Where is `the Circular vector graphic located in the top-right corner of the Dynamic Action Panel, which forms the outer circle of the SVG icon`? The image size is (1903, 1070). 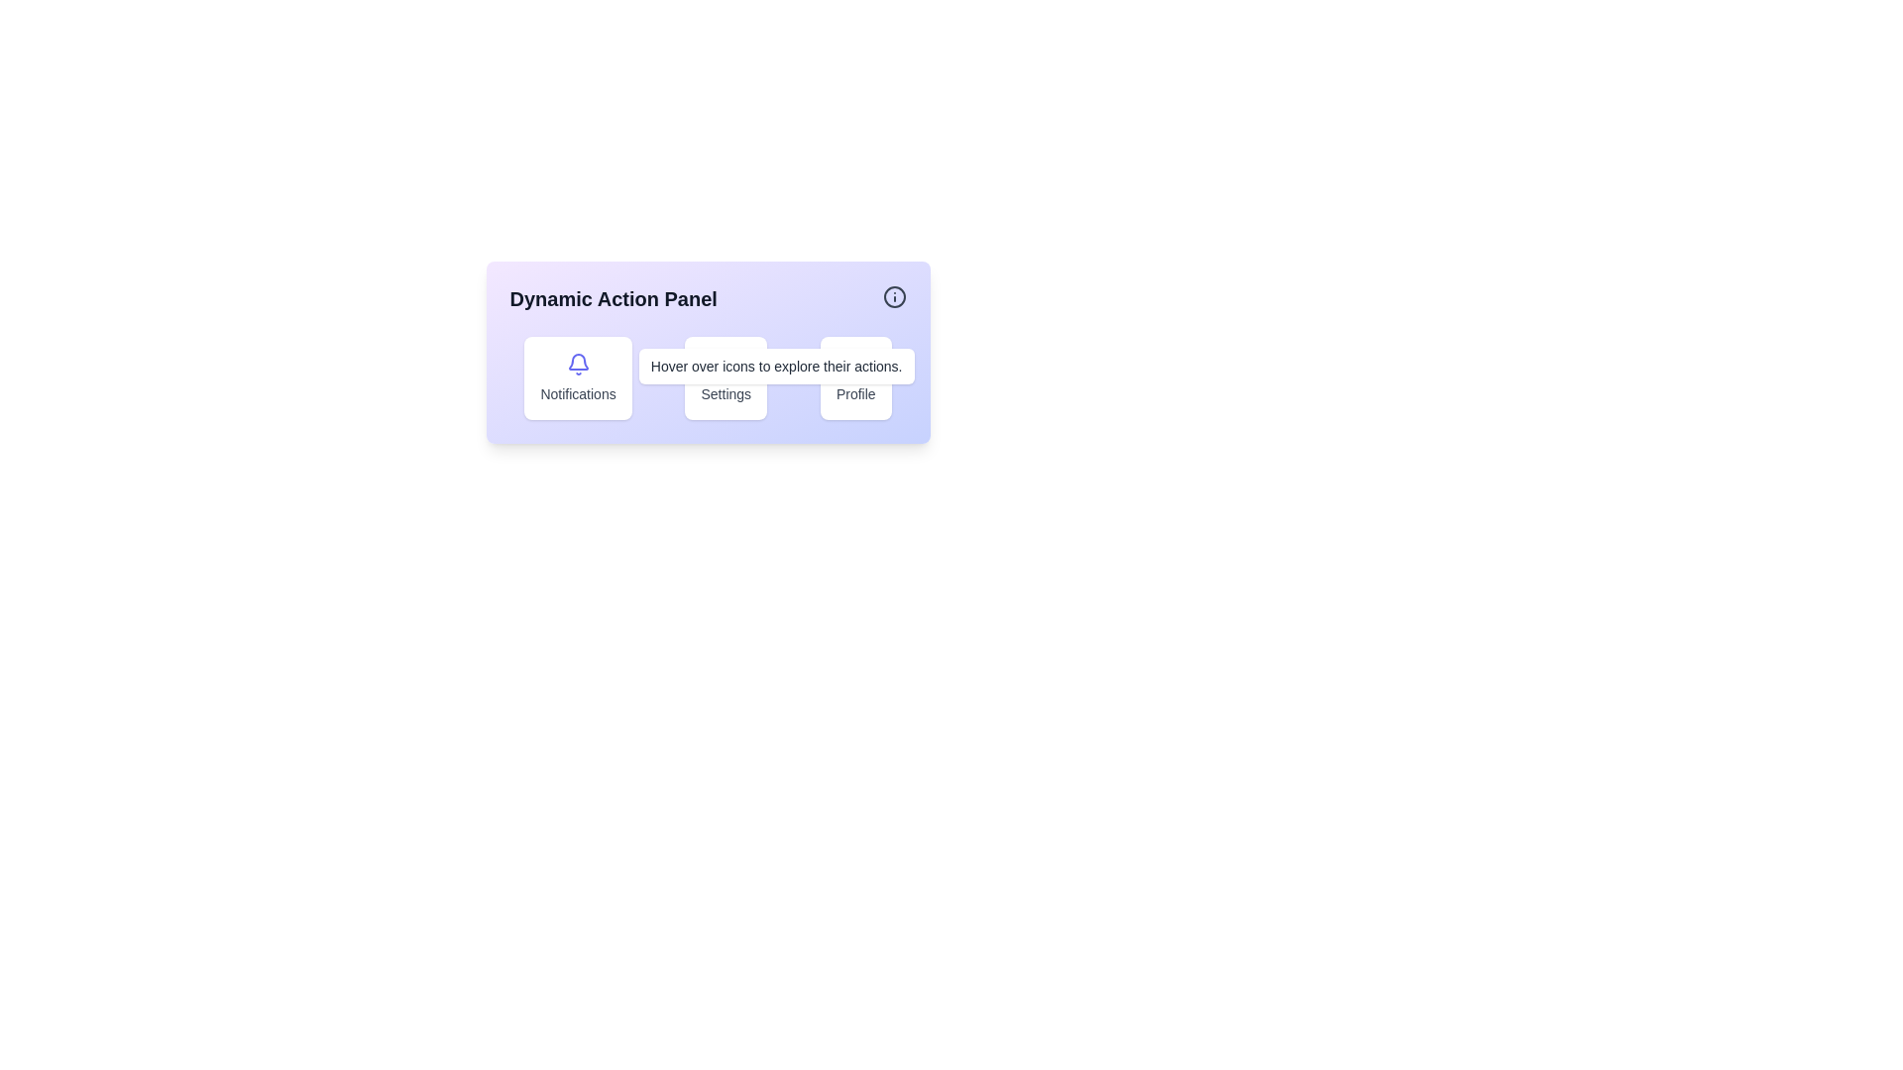
the Circular vector graphic located in the top-right corner of the Dynamic Action Panel, which forms the outer circle of the SVG icon is located at coordinates (893, 297).